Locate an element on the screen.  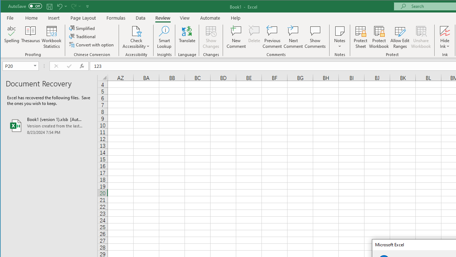
'Check Accessibility' is located at coordinates (136, 37).